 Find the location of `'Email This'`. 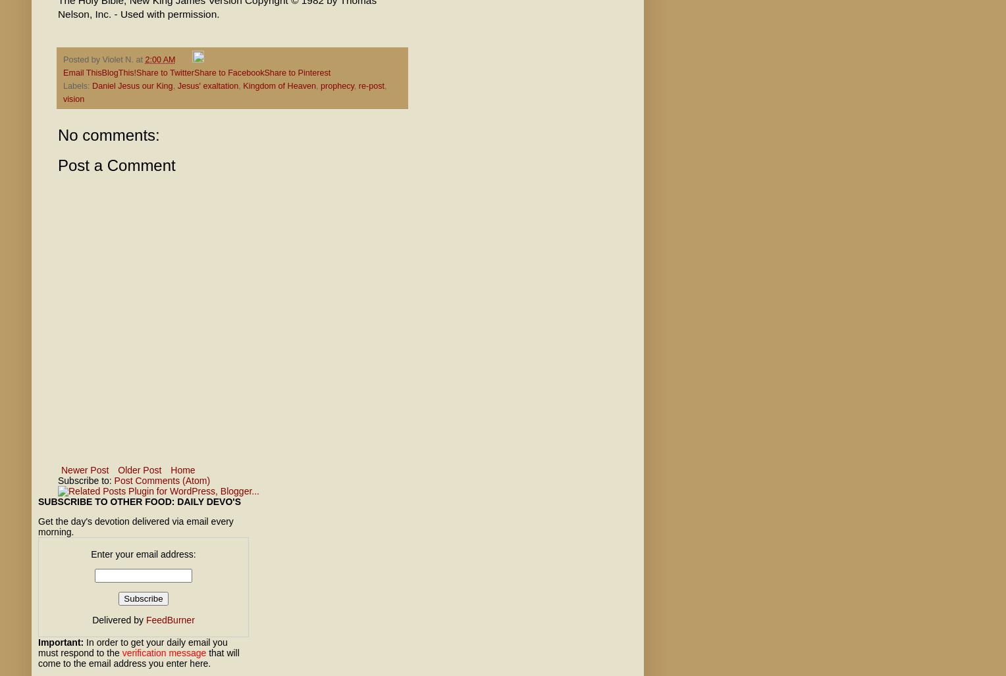

'Email This' is located at coordinates (81, 72).